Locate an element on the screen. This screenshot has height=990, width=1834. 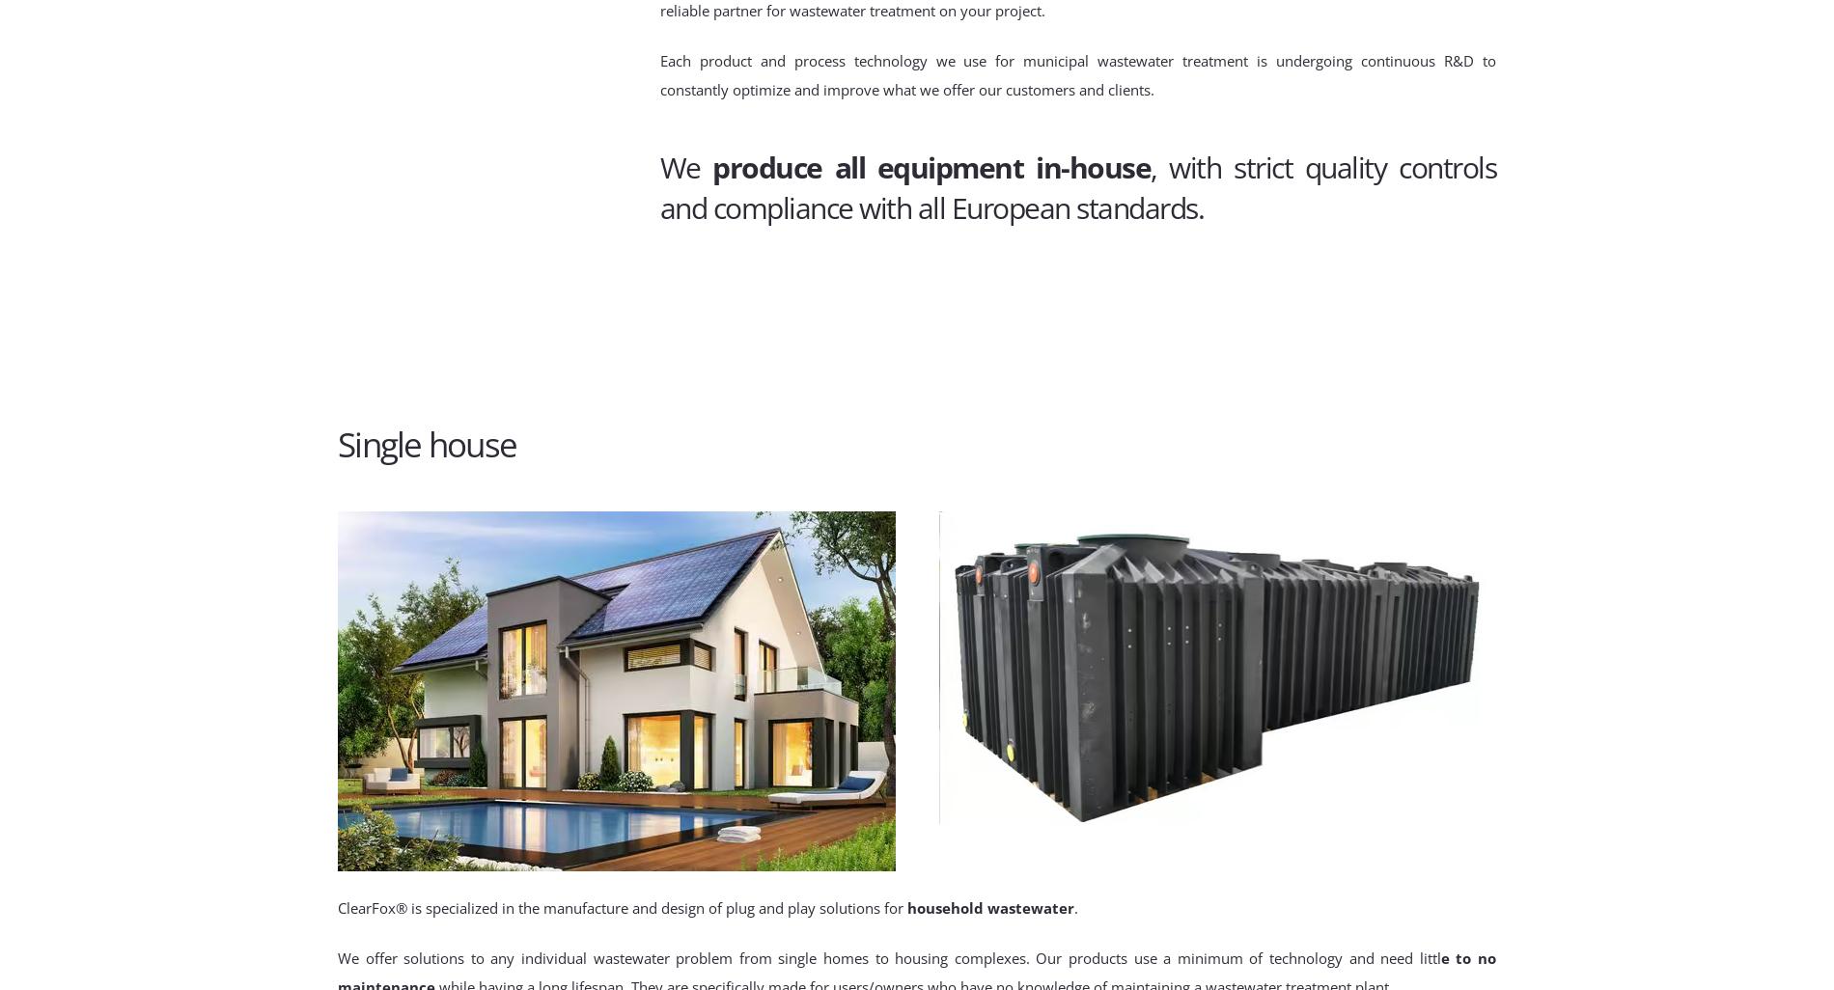
', with strict quality controls and compliance with all European standards.' is located at coordinates (1077, 186).